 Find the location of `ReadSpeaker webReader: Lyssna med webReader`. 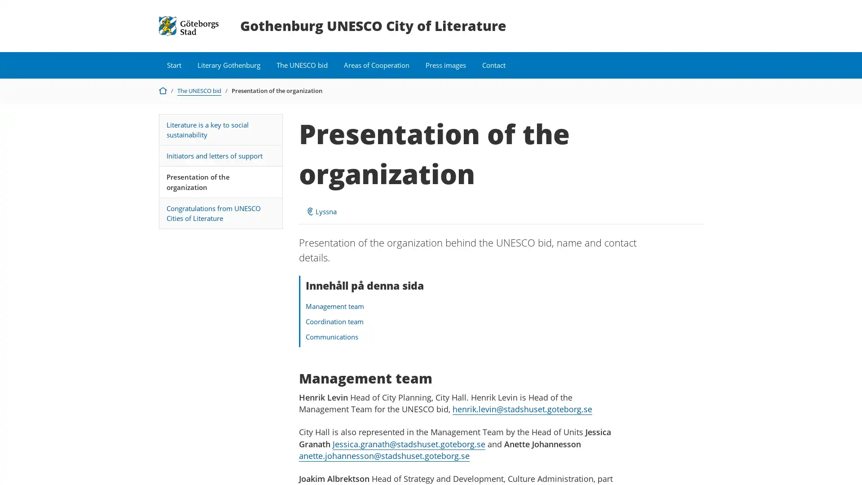

ReadSpeaker webReader: Lyssna med webReader is located at coordinates (321, 211).